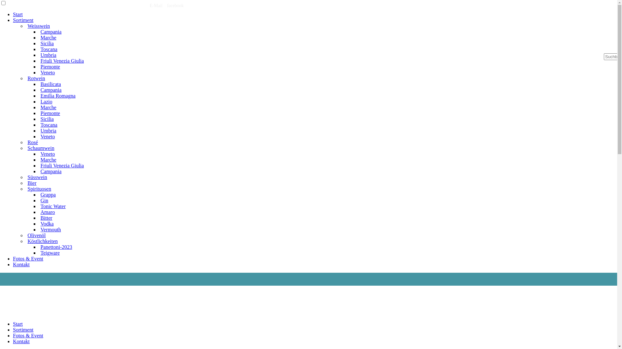 This screenshot has width=622, height=349. Describe the element at coordinates (23, 330) in the screenshot. I see `'Sortiment'` at that location.